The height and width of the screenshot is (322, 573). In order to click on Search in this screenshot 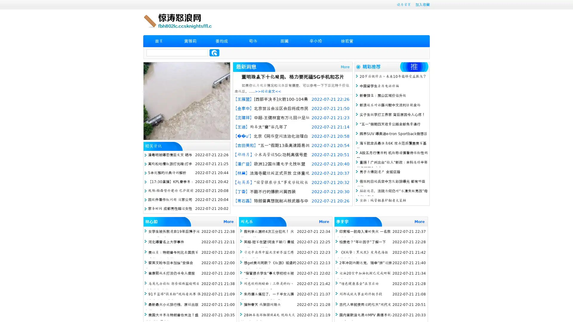, I will do `click(214, 52)`.